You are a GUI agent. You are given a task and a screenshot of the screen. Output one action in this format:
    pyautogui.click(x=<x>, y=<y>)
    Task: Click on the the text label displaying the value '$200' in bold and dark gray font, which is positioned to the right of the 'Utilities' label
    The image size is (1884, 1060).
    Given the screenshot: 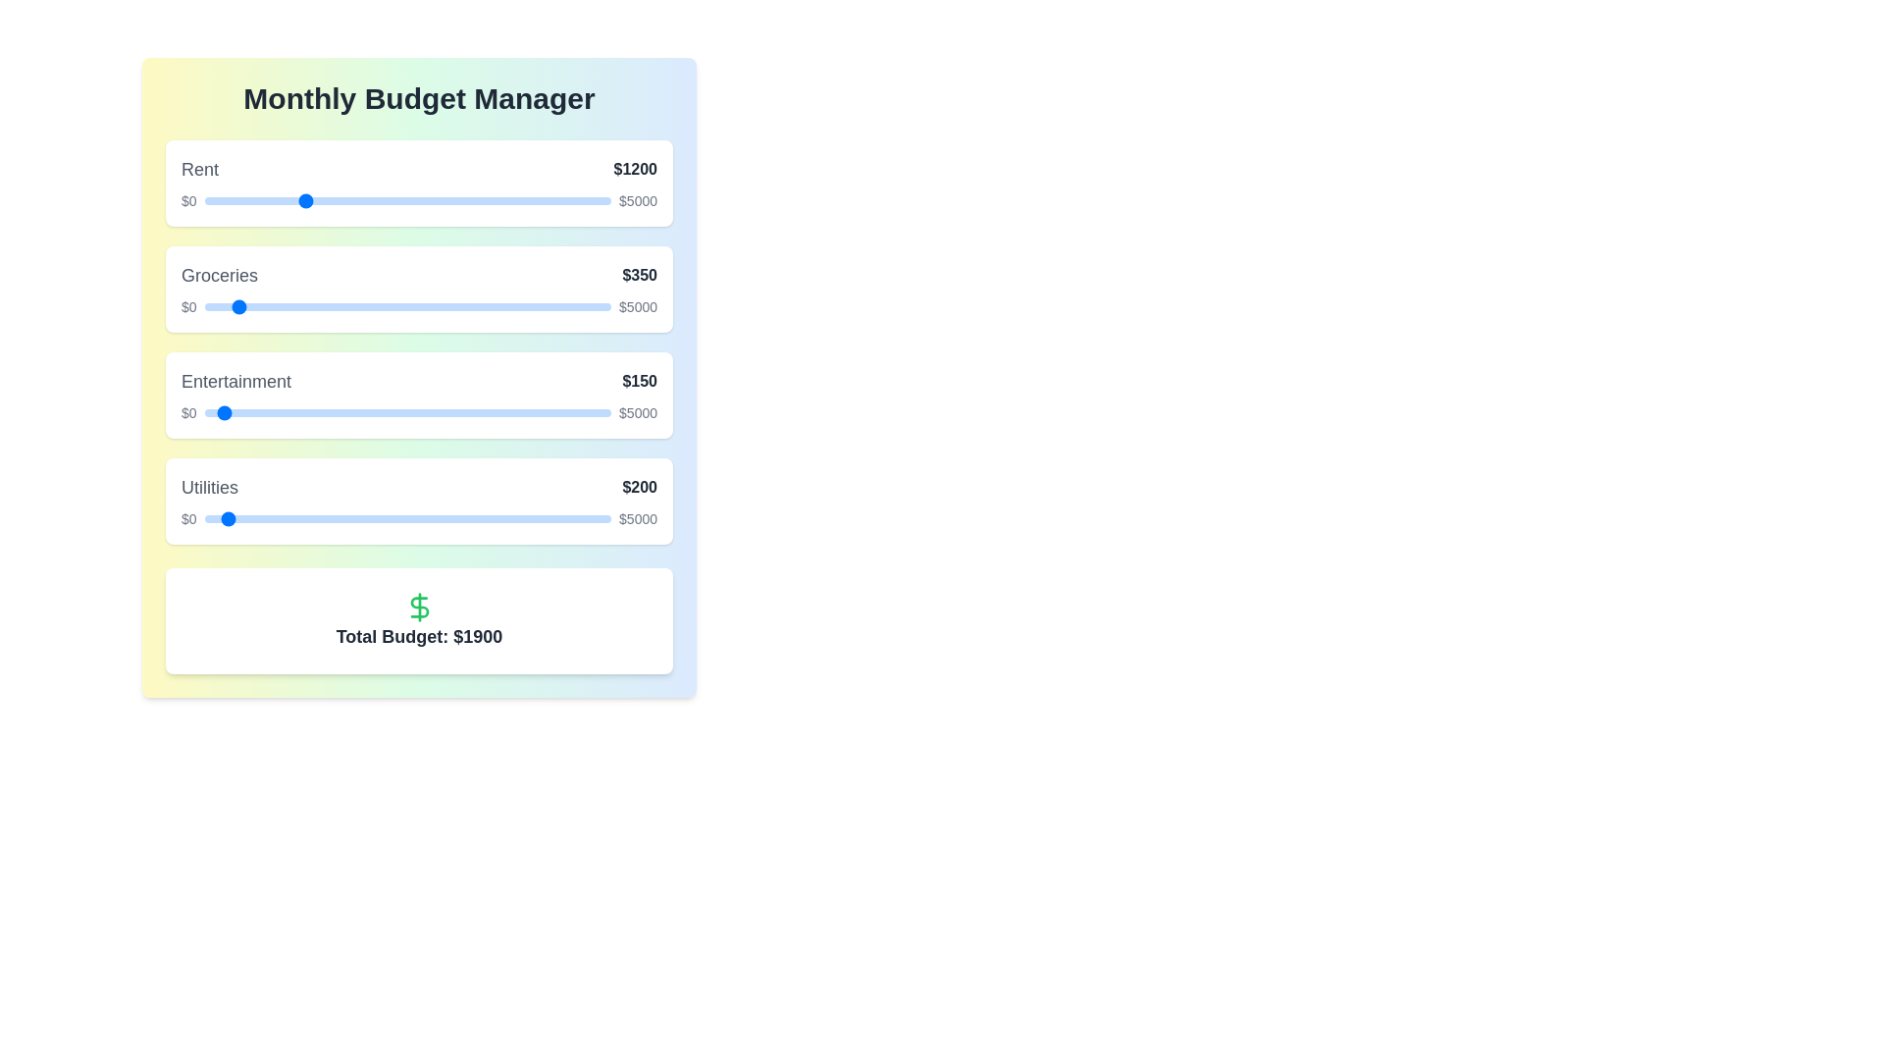 What is the action you would take?
    pyautogui.click(x=640, y=487)
    